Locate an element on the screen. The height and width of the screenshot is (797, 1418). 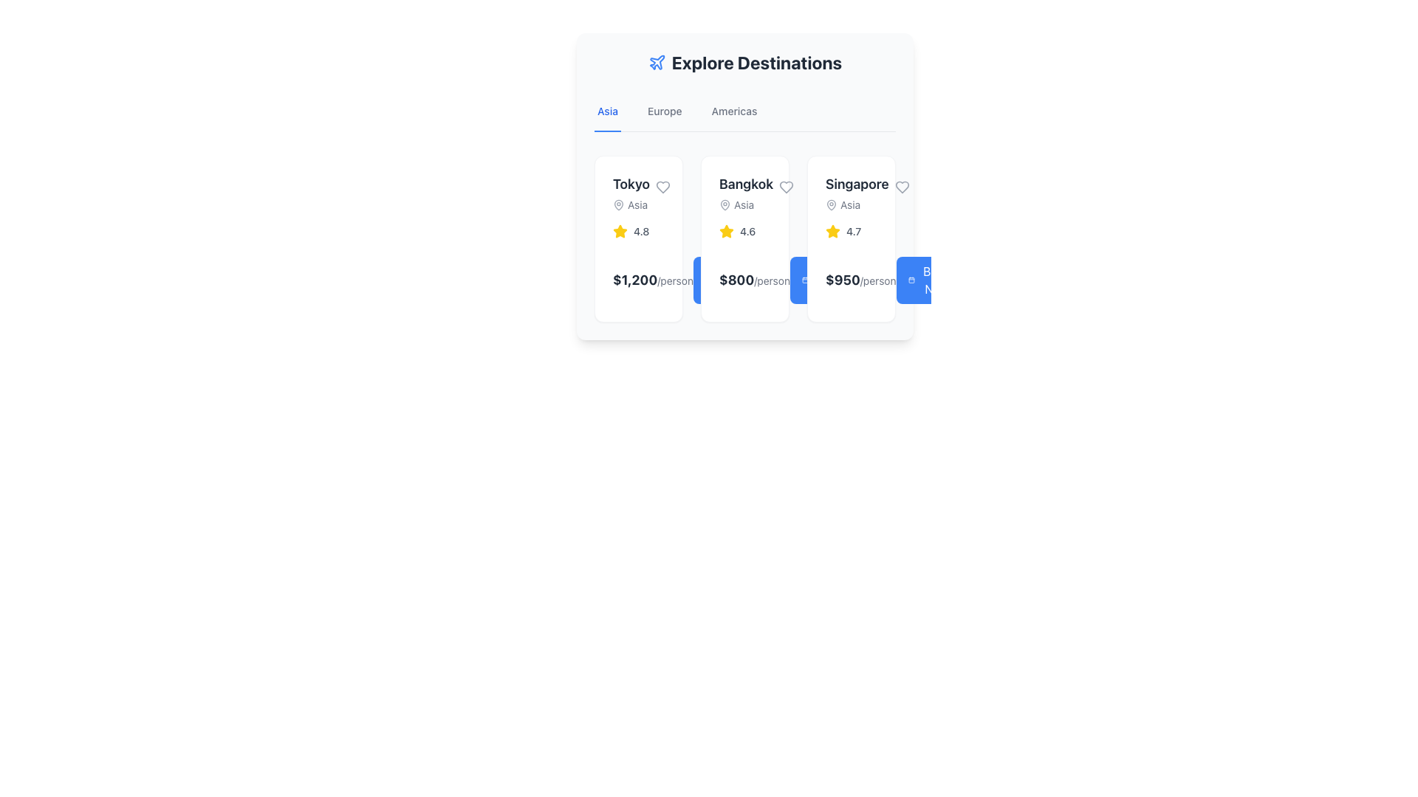
the text label displaying 'Asia', which is styled in gray and located near a map pin icon within the destination card layout is located at coordinates (850, 204).